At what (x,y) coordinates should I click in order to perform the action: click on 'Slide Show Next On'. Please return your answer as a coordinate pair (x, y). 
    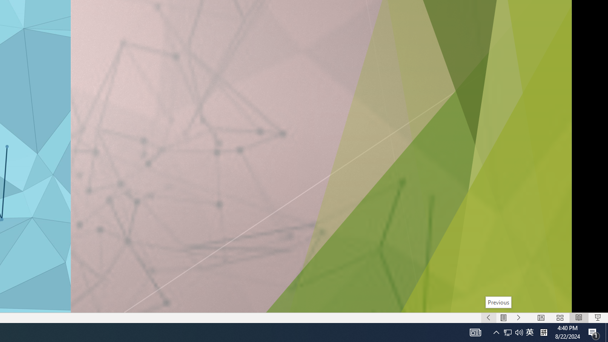
    Looking at the image, I should click on (518, 318).